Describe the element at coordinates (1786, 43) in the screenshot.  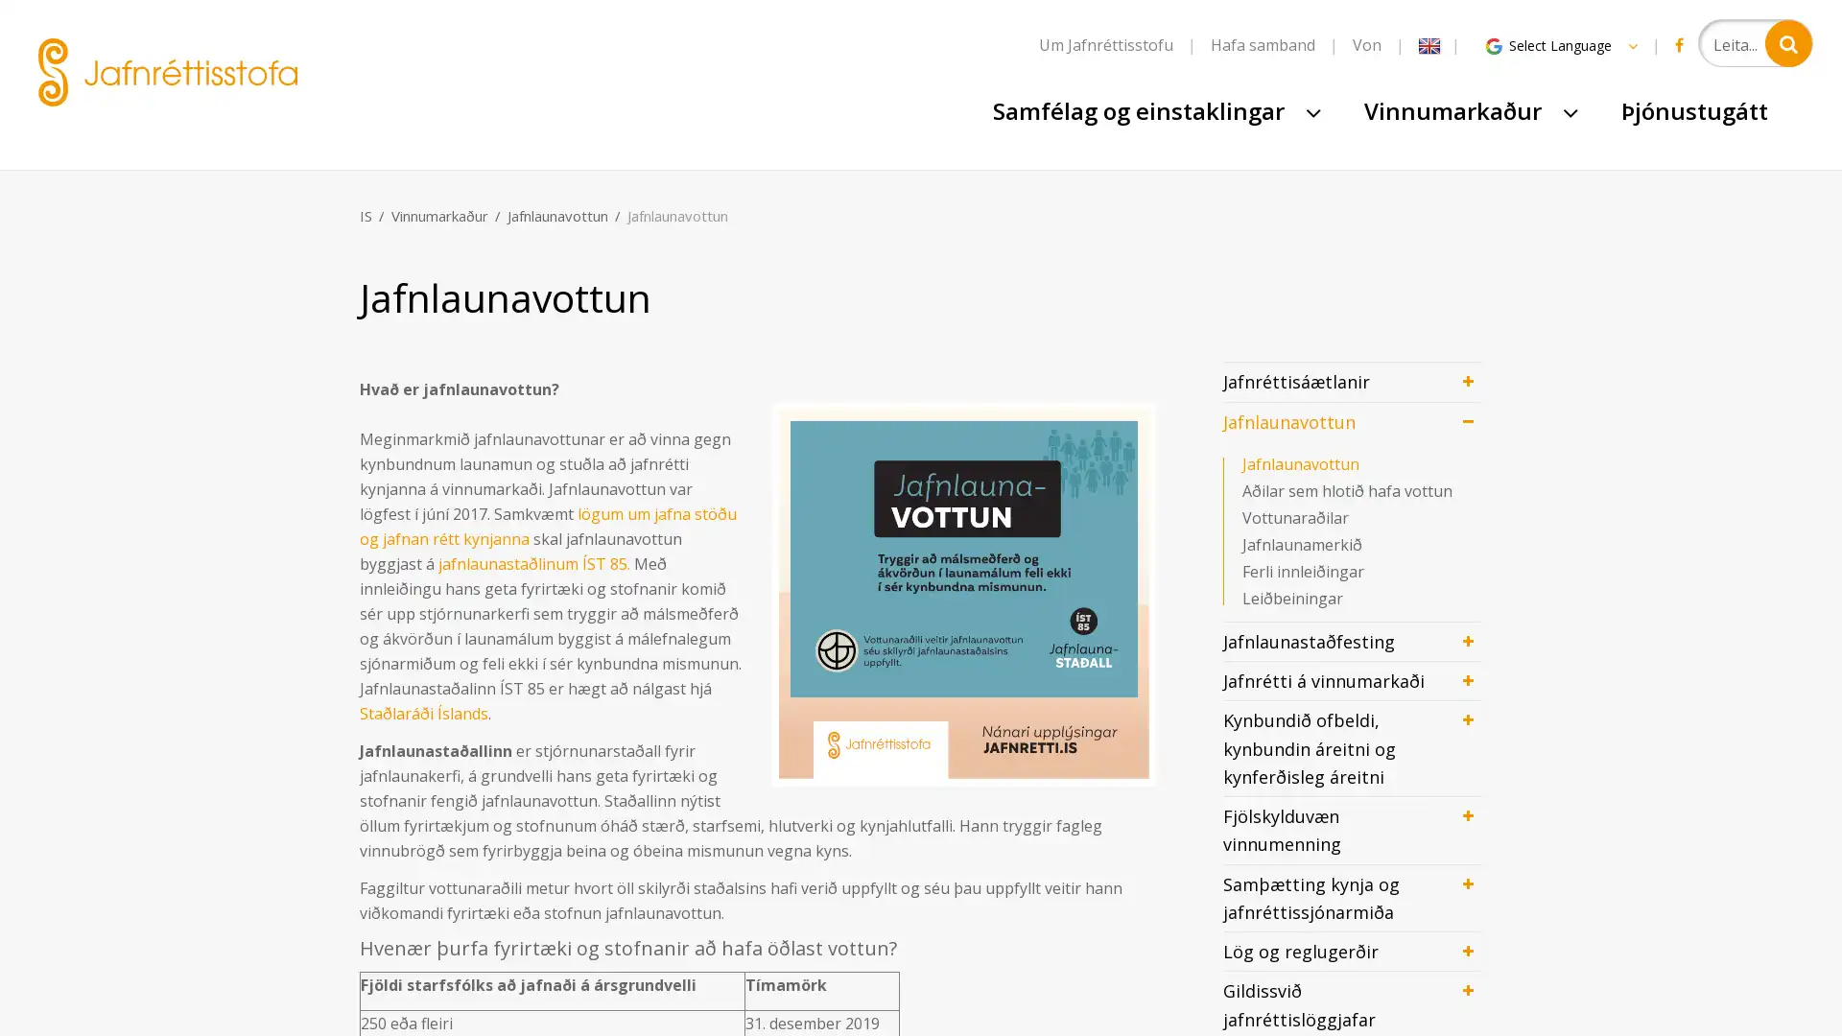
I see `Leita` at that location.